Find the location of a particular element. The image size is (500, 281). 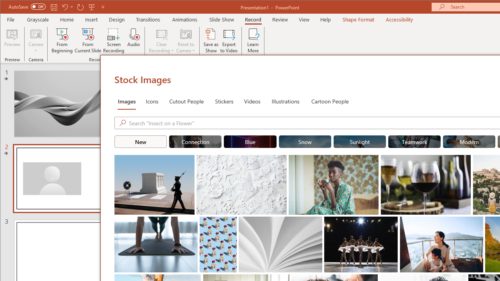

'Stickers' is located at coordinates (224, 100).